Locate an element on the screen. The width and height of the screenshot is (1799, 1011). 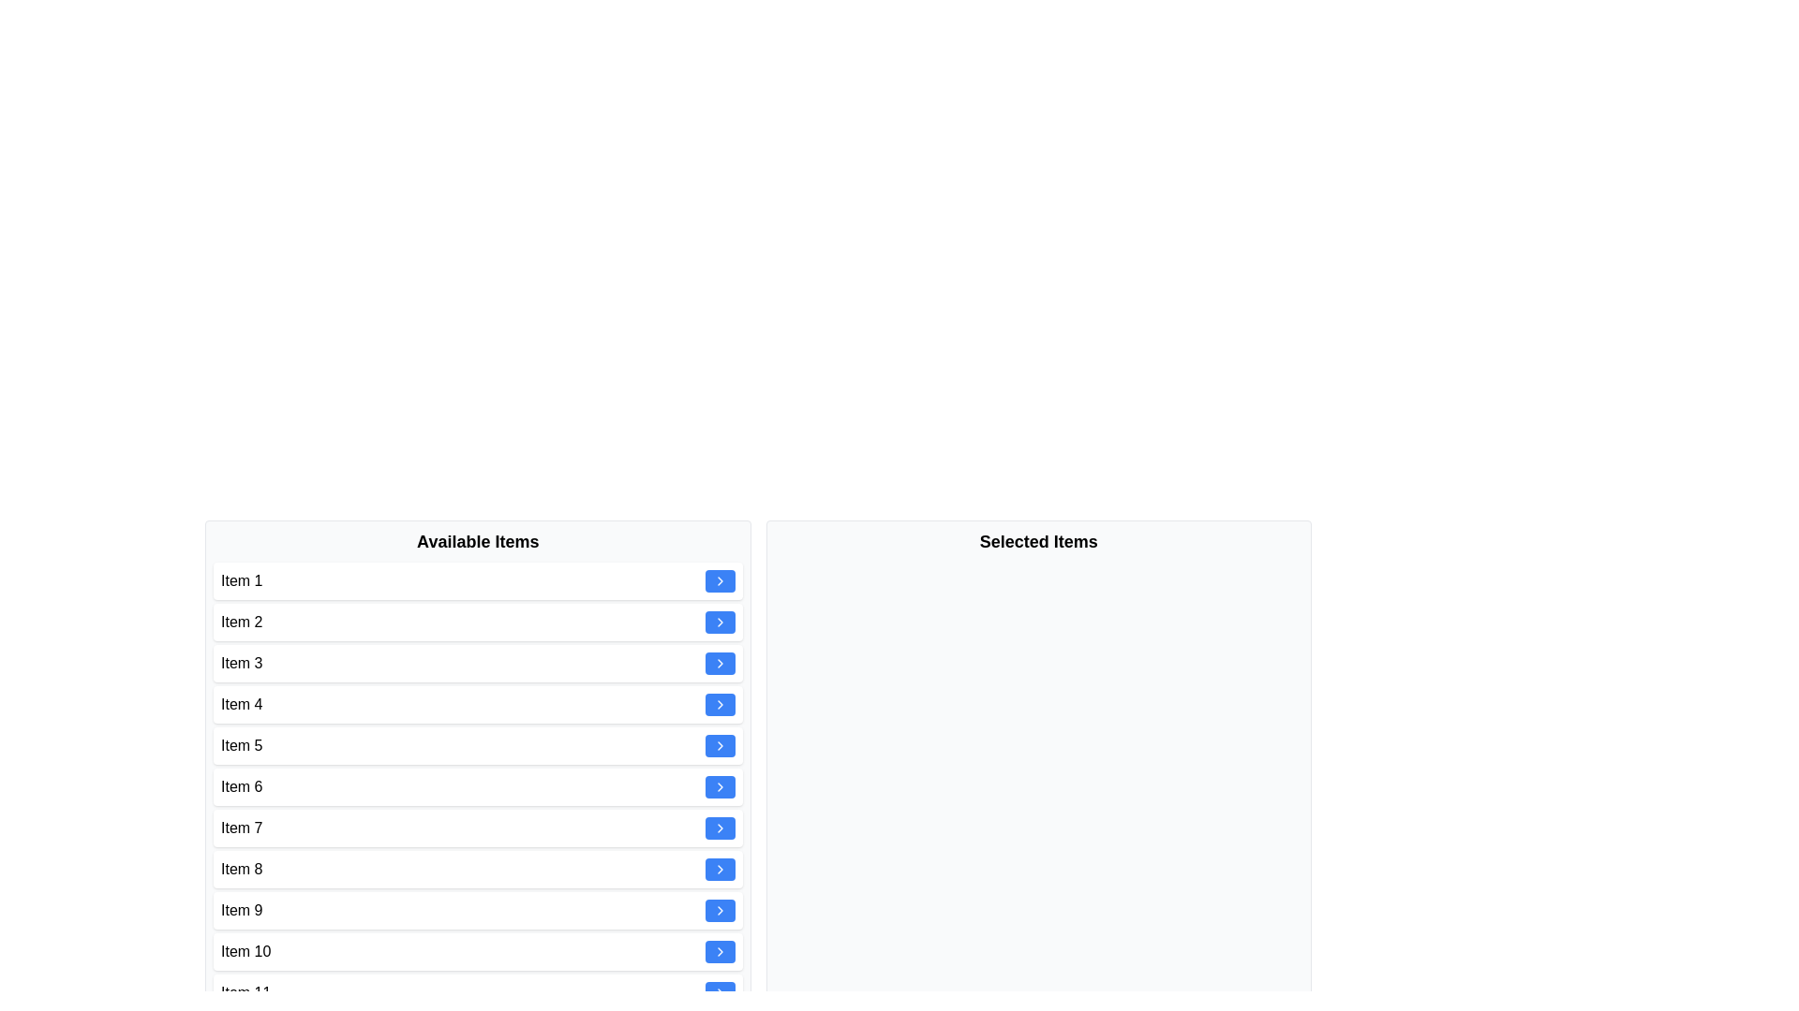
the right-pointing chevron icon within the button for 'Item 8' in the 'Available Items' list is located at coordinates (719, 827).